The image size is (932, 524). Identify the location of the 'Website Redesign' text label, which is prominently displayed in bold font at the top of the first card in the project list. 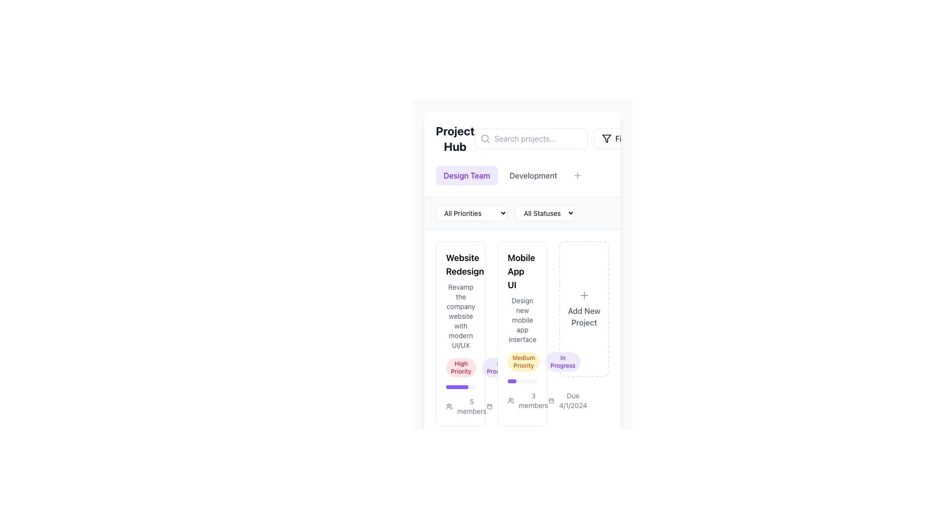
(461, 265).